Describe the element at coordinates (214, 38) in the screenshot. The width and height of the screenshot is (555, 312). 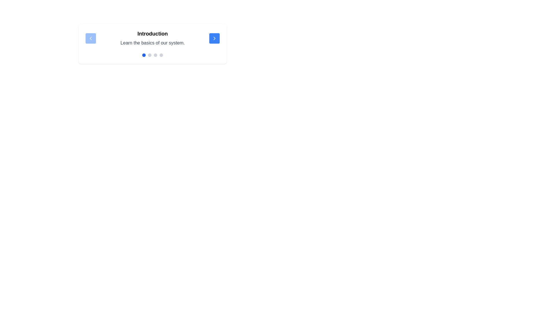
I see `the small blue button with rounded edges and an arrow icon pointing to the right` at that location.